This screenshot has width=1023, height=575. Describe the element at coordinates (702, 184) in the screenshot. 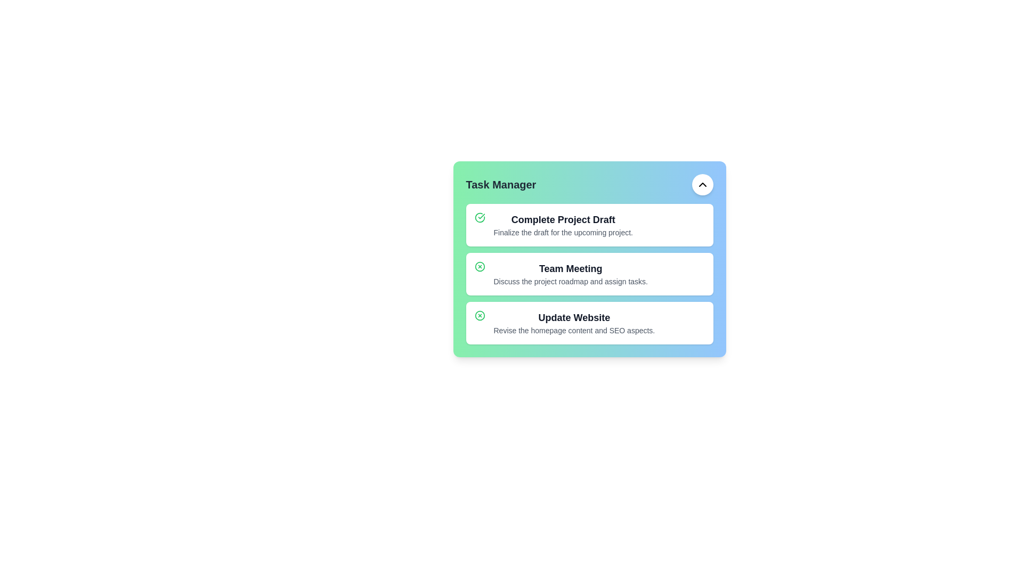

I see `Chevron button to toggle the task list visibility` at that location.